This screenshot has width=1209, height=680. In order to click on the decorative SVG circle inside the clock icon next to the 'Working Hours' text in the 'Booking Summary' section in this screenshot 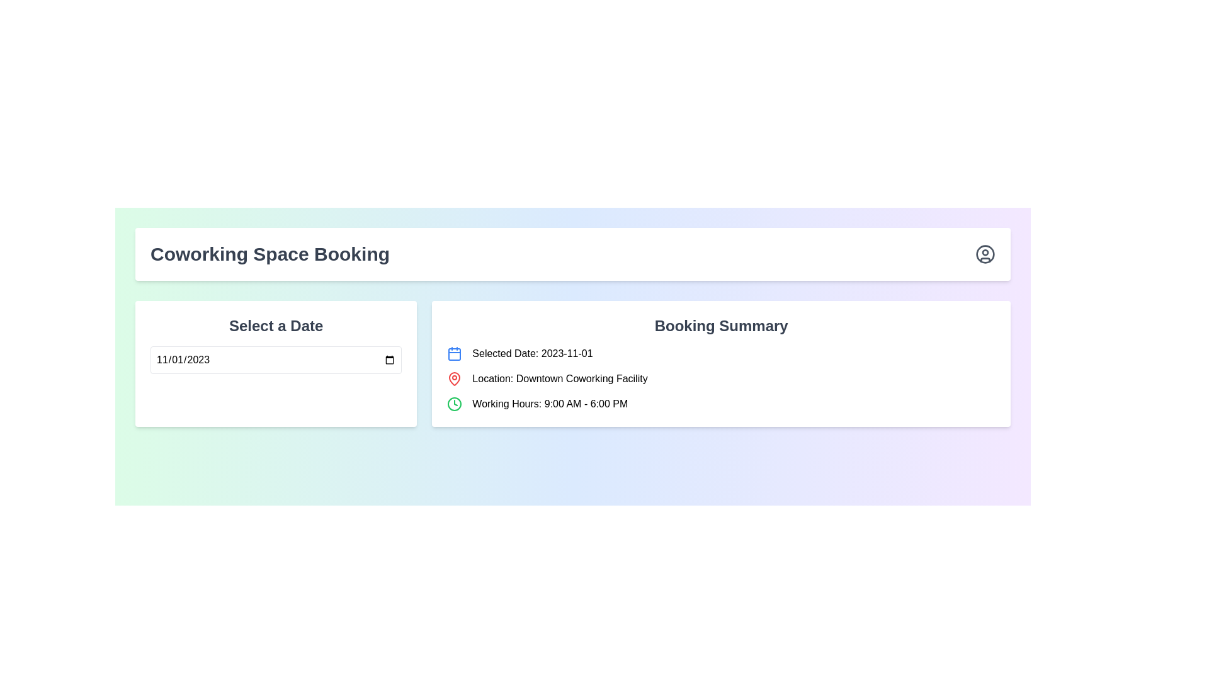, I will do `click(454, 404)`.